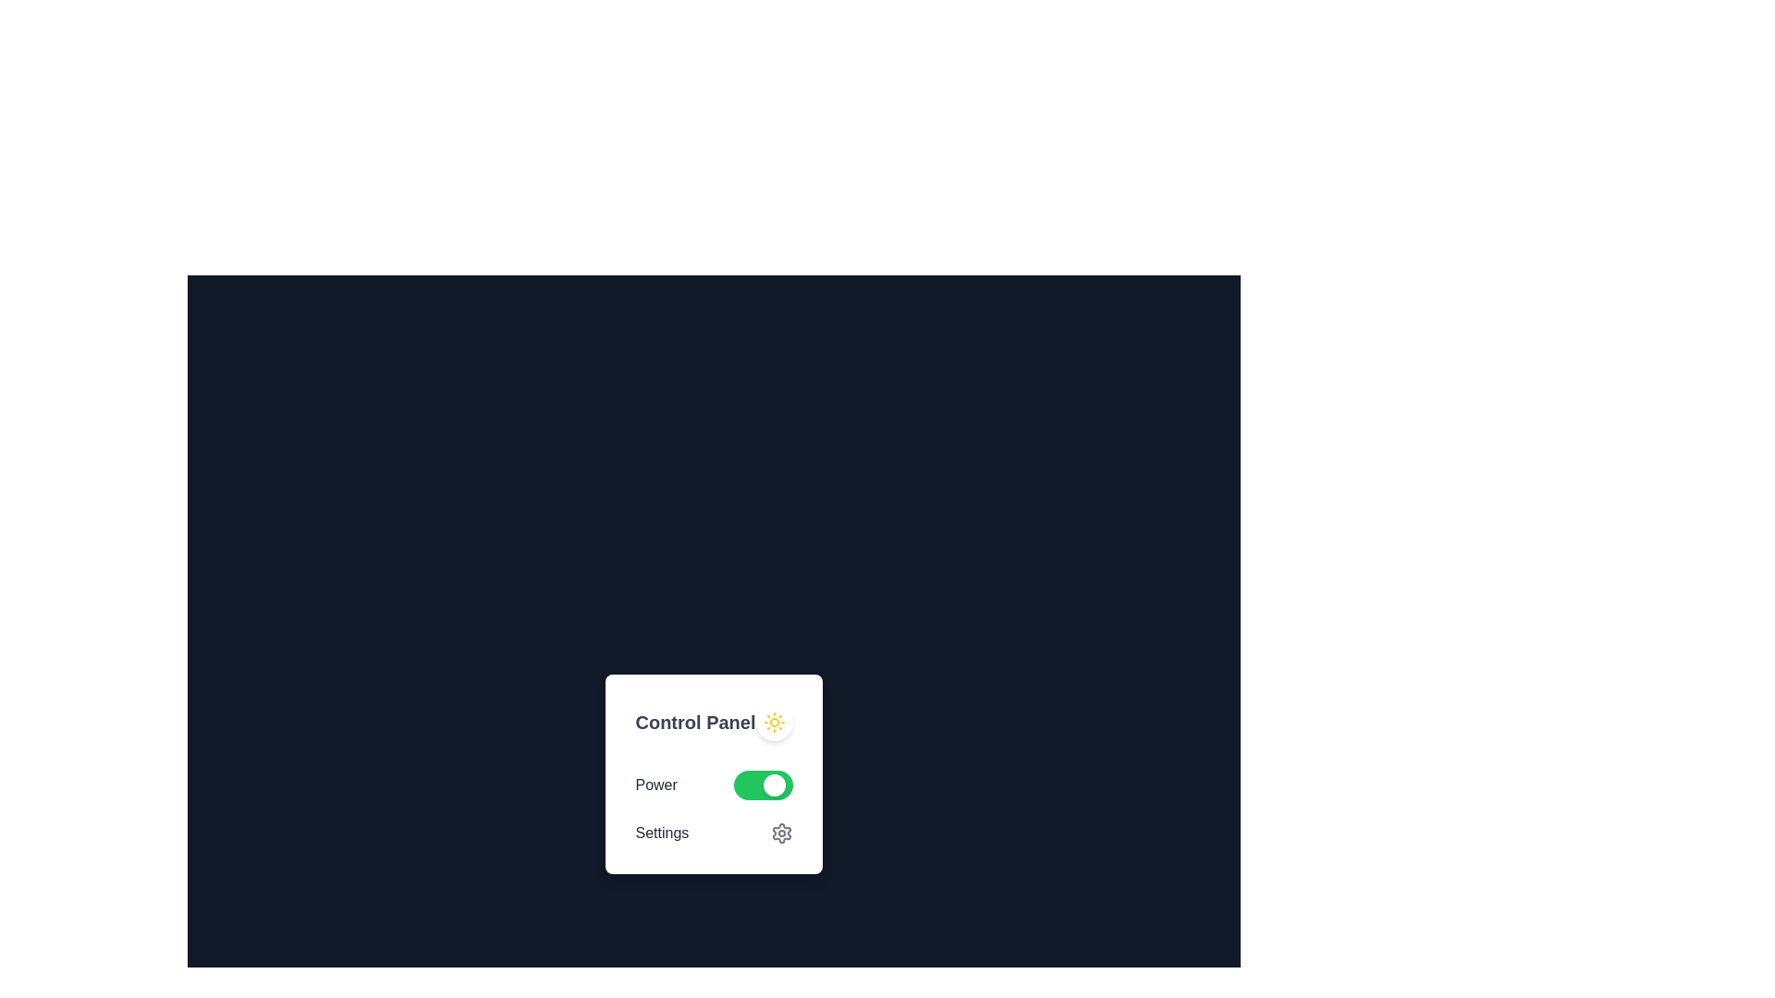  Describe the element at coordinates (774, 722) in the screenshot. I see `the icon located in the circular button adjacent to the 'Control Panel' title` at that location.